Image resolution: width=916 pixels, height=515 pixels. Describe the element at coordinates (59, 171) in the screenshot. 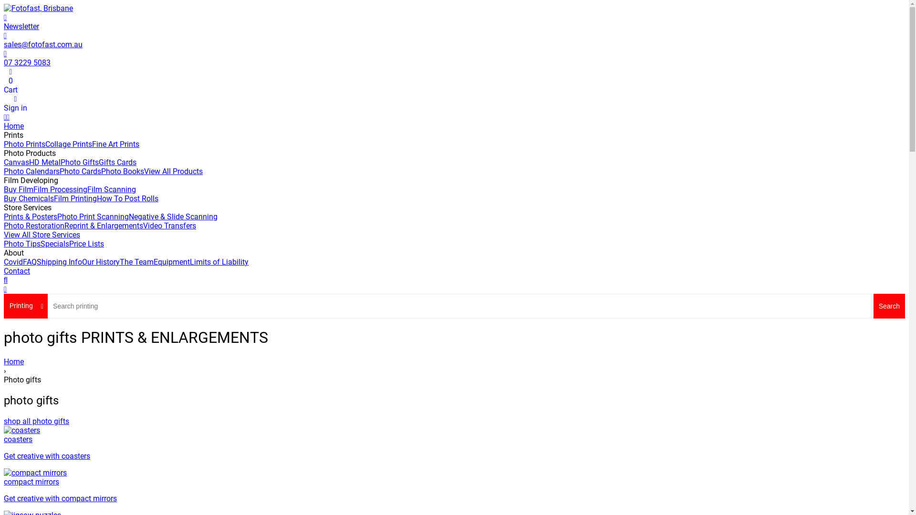

I see `'Photo Cards'` at that location.